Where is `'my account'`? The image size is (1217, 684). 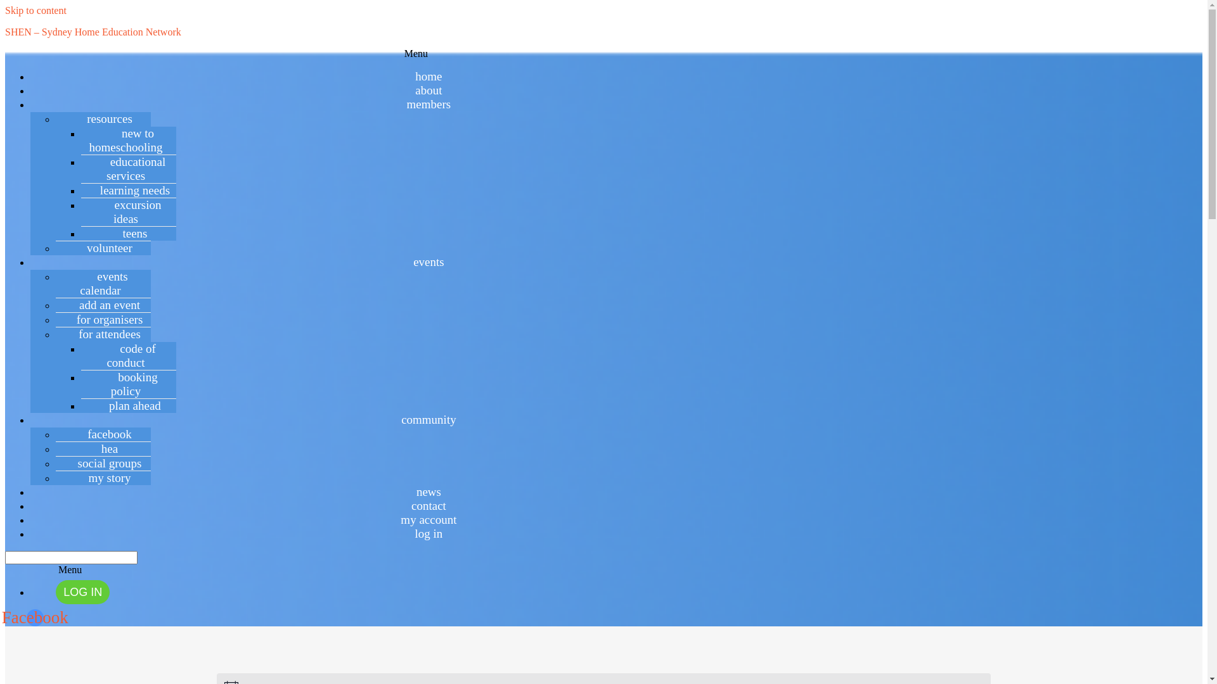 'my account' is located at coordinates (394, 519).